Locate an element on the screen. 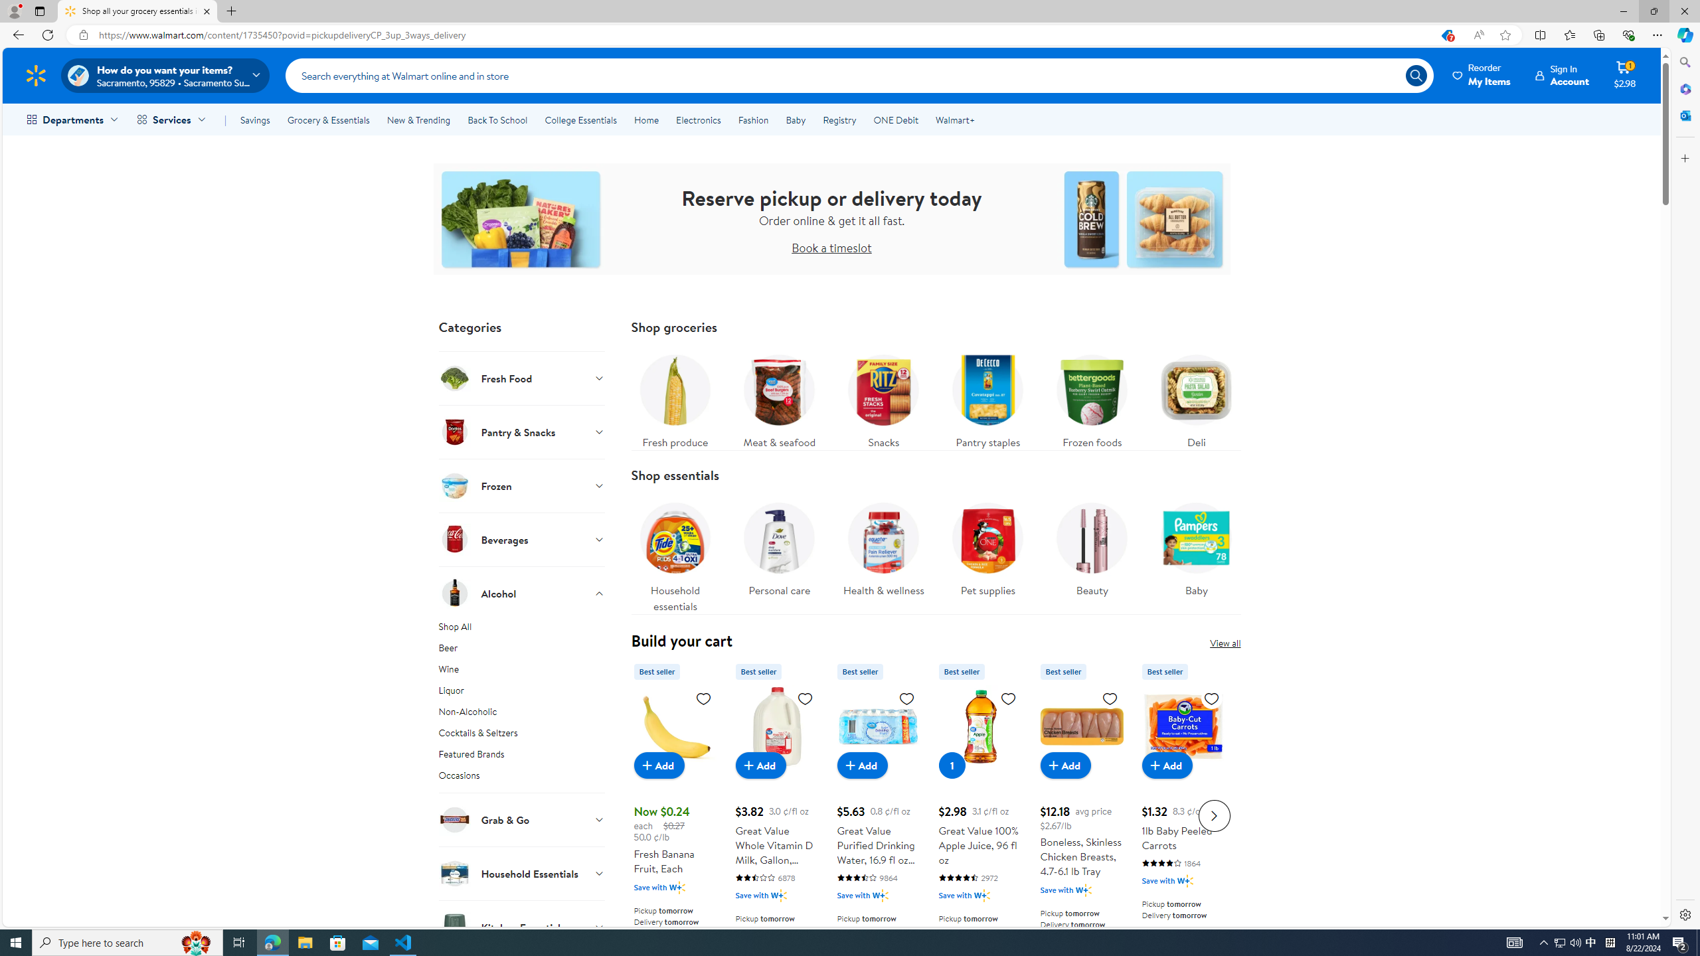 The width and height of the screenshot is (1700, 956). 'Savings' is located at coordinates (254, 119).